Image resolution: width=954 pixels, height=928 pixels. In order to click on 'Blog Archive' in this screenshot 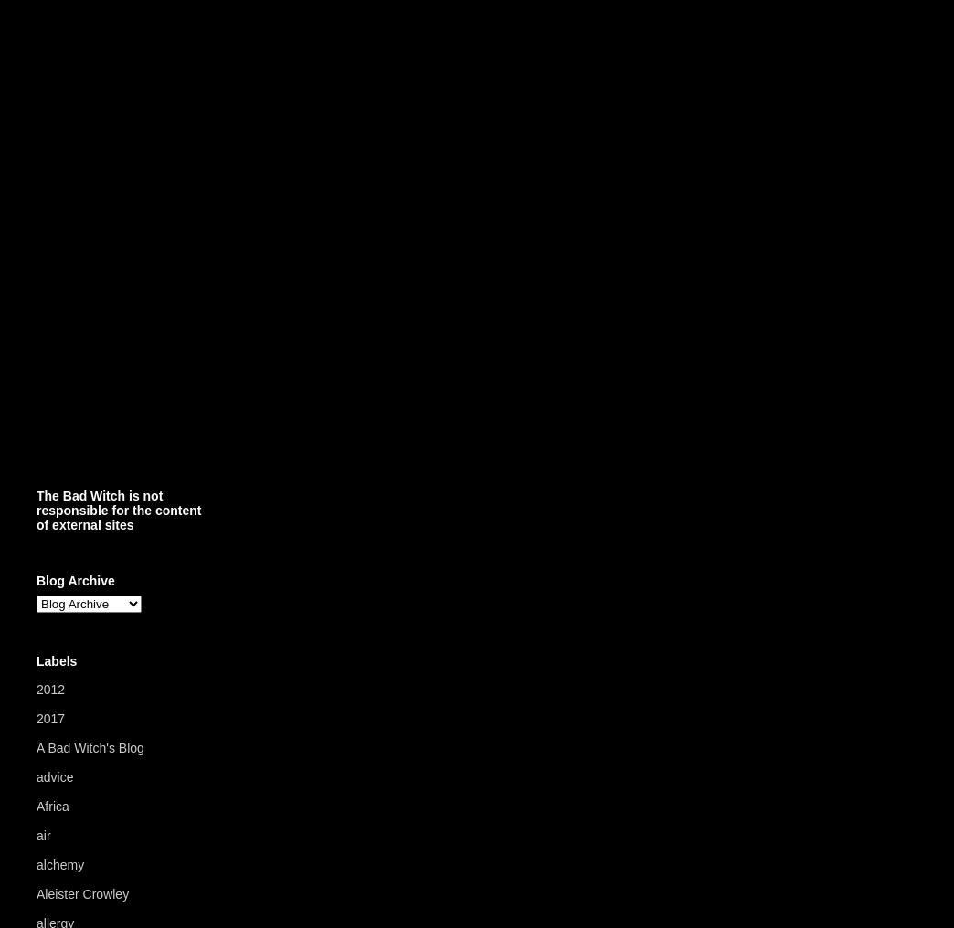, I will do `click(75, 580)`.